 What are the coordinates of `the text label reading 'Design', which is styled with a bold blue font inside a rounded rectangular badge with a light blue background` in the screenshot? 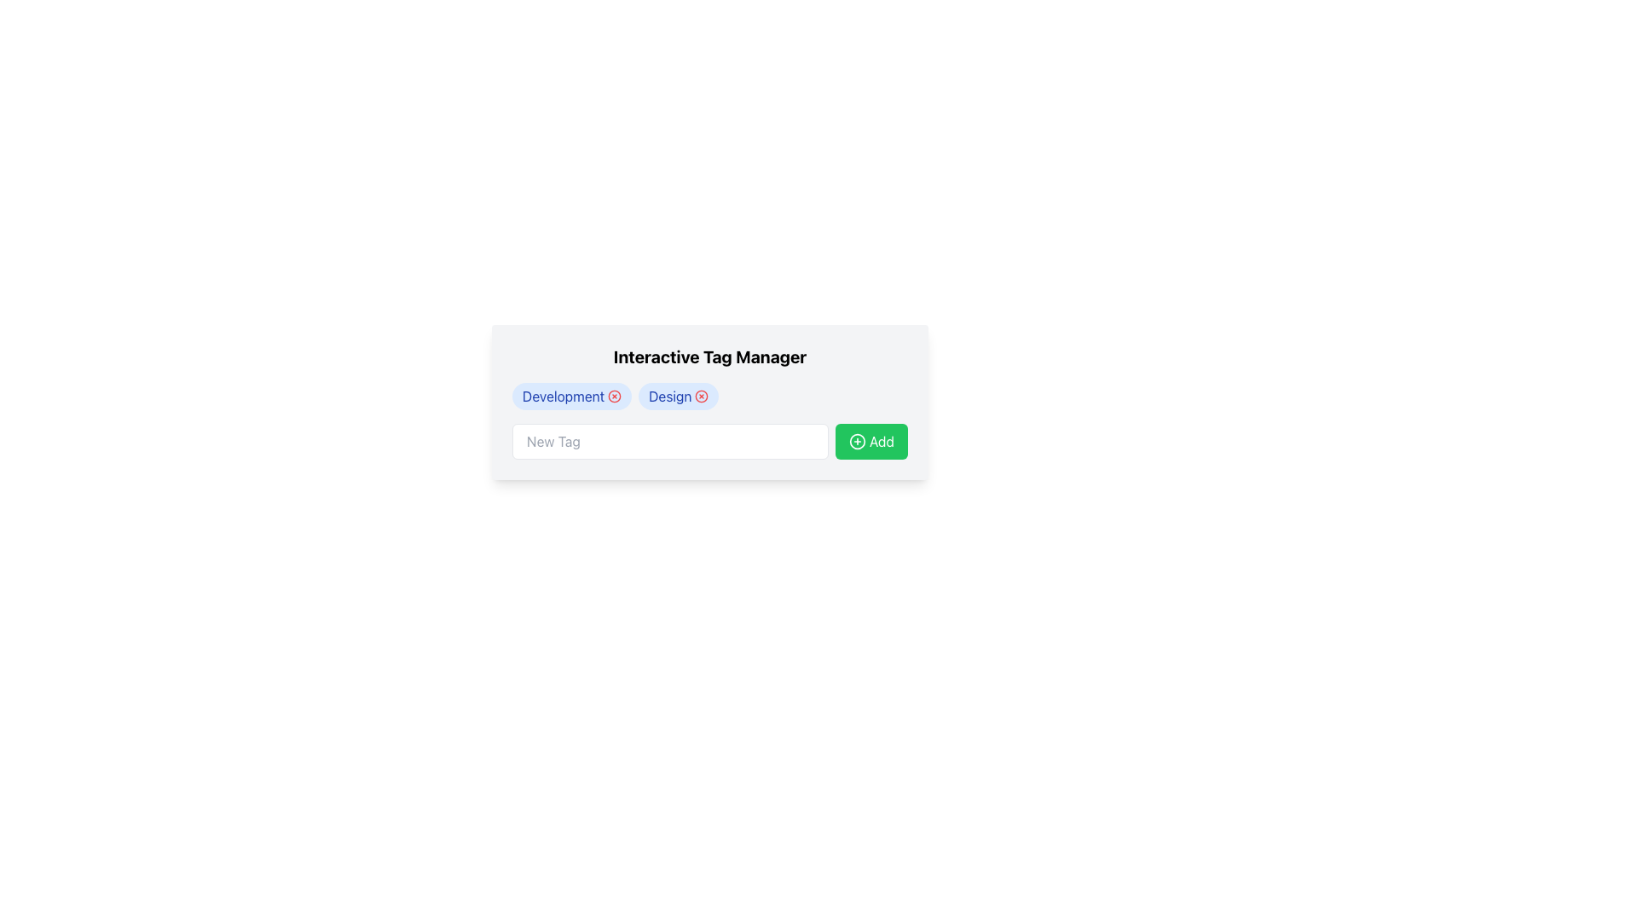 It's located at (669, 397).